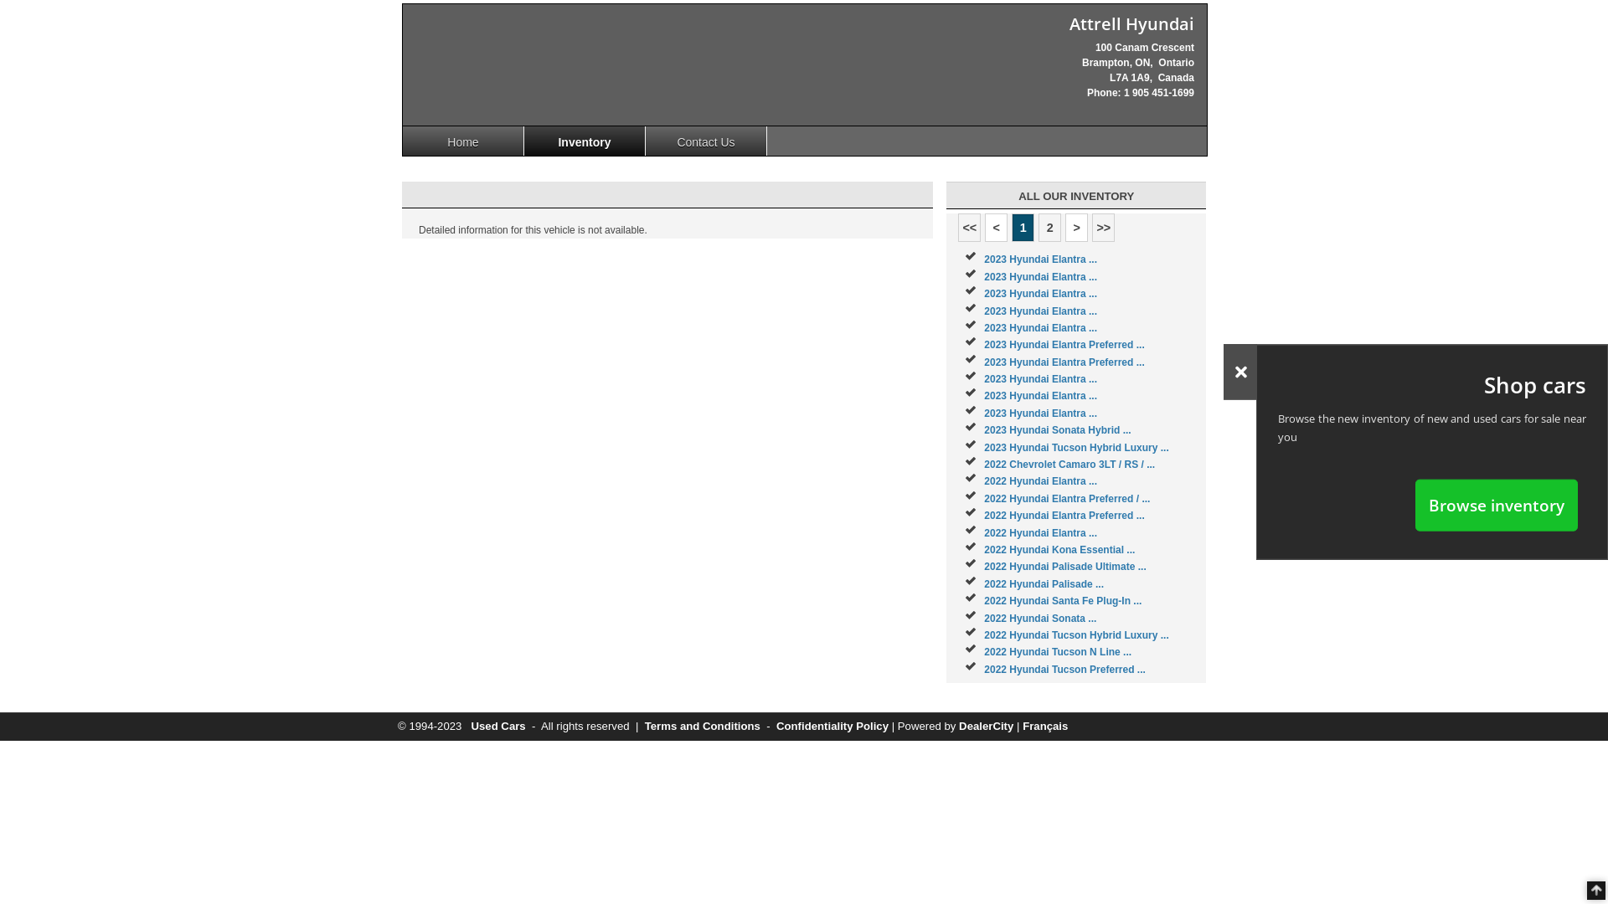 The image size is (1608, 904). Describe the element at coordinates (463, 140) in the screenshot. I see `'Home'` at that location.